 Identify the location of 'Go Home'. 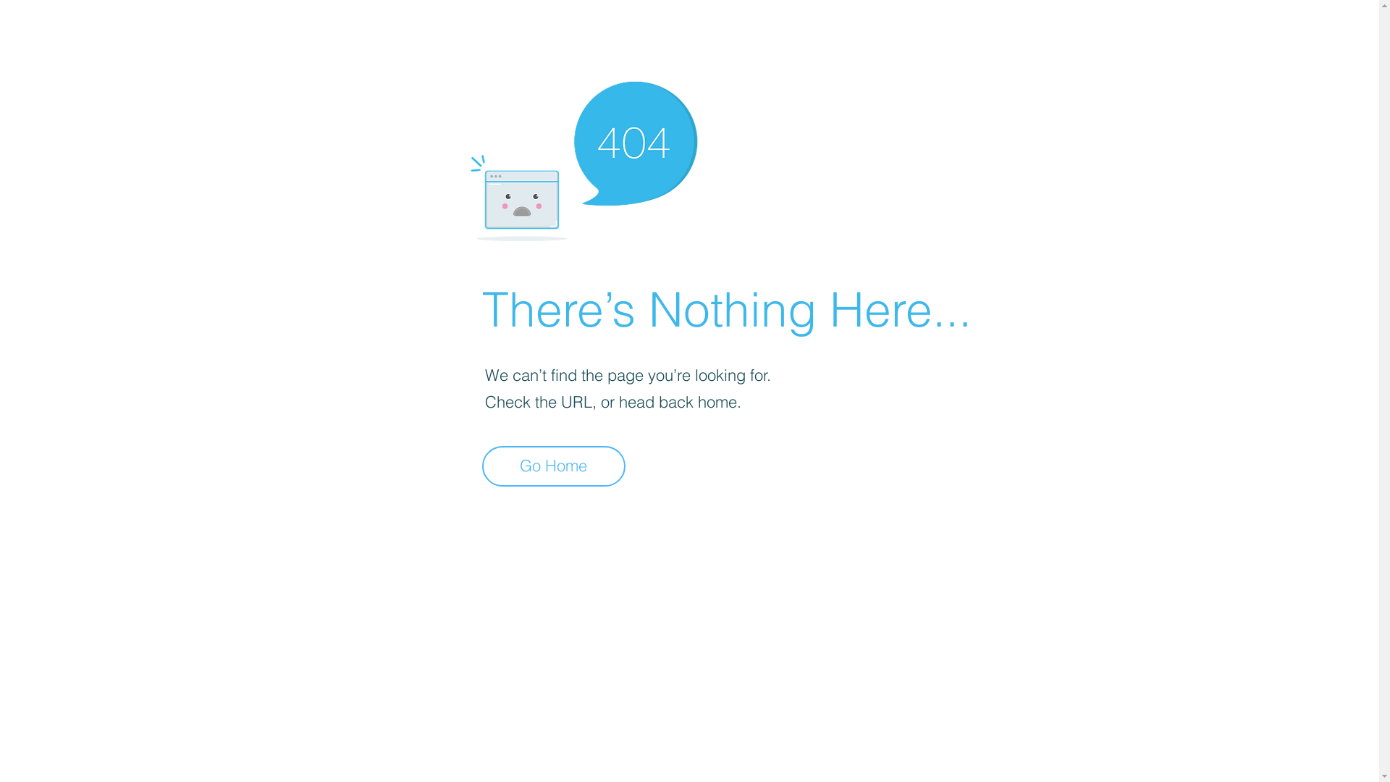
(552, 466).